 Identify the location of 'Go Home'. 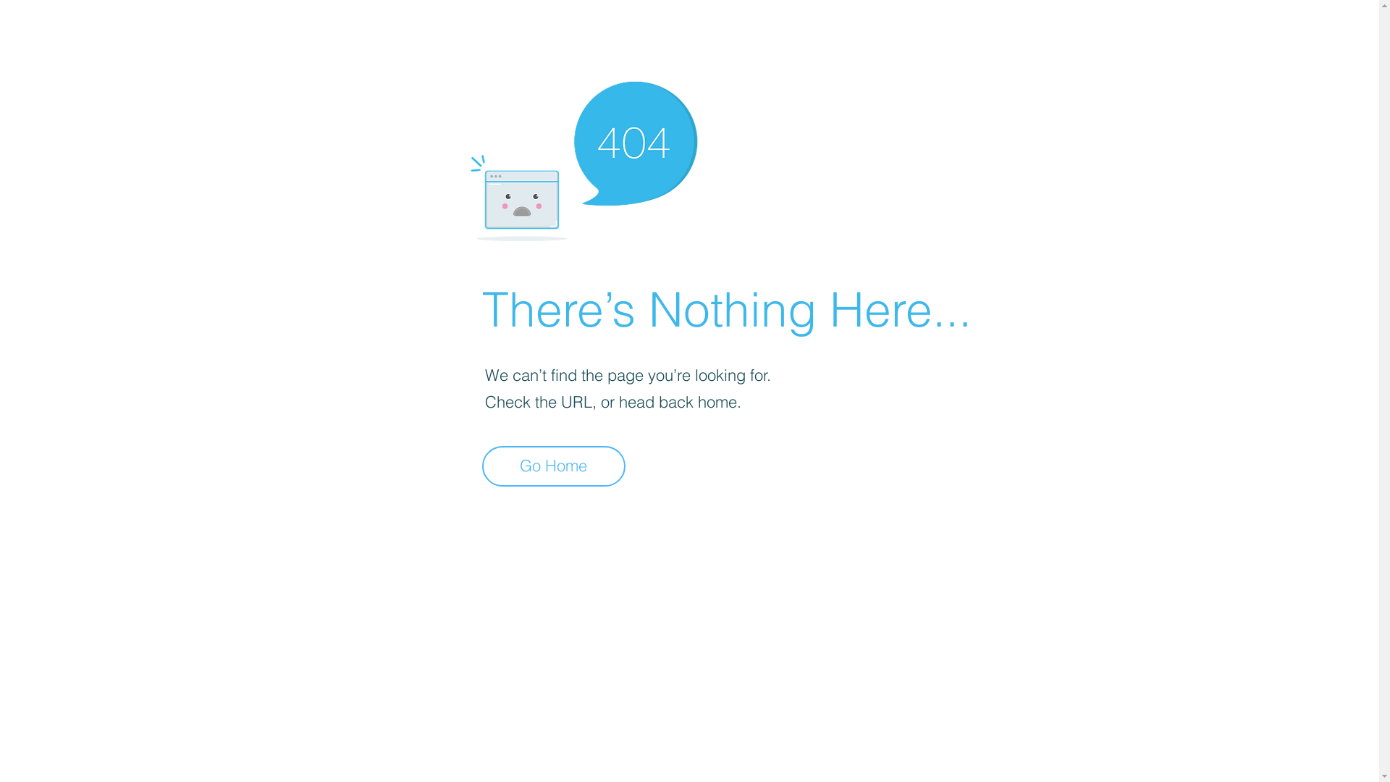
(552, 466).